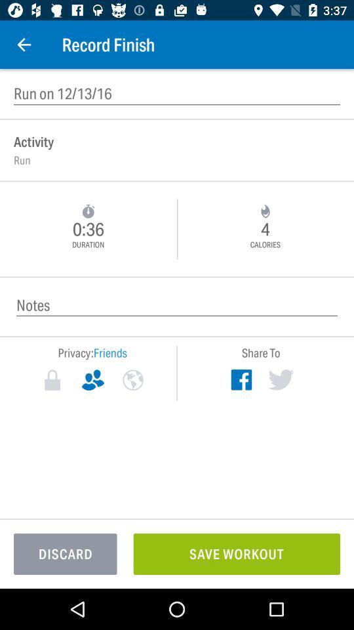  Describe the element at coordinates (241, 379) in the screenshot. I see `the facebook icon` at that location.